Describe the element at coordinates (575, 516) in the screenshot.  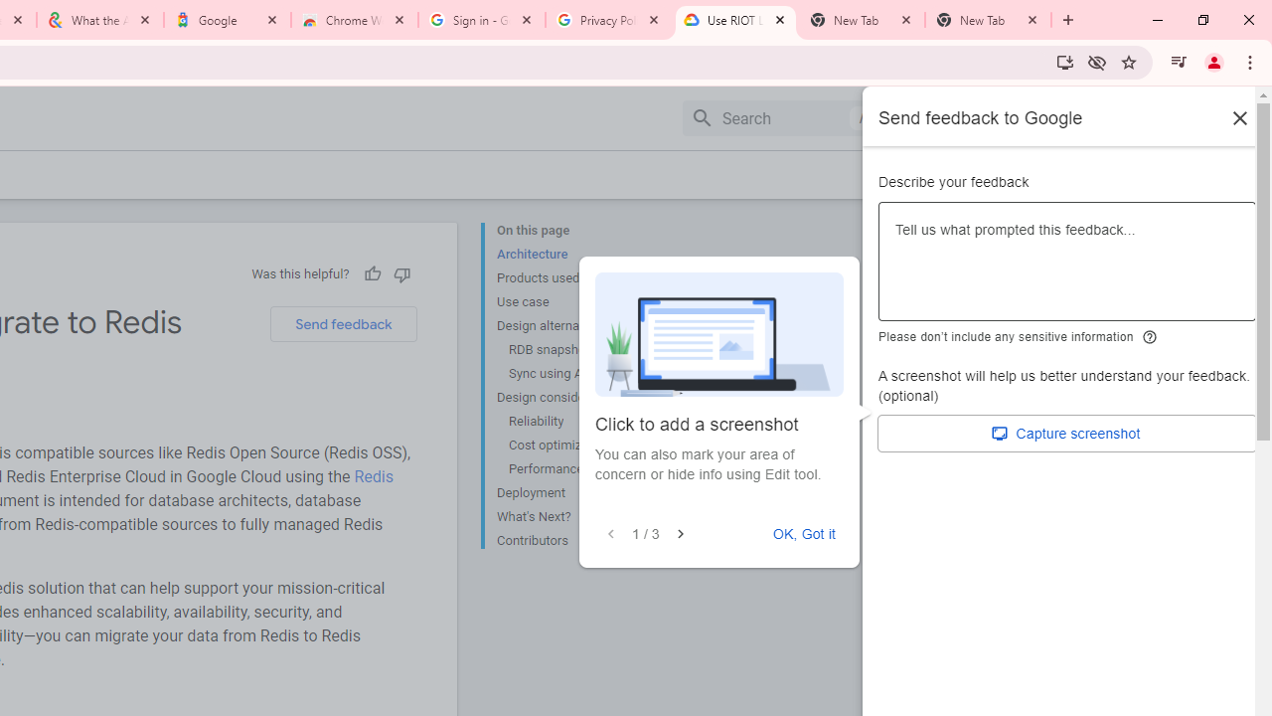
I see `'What'` at that location.